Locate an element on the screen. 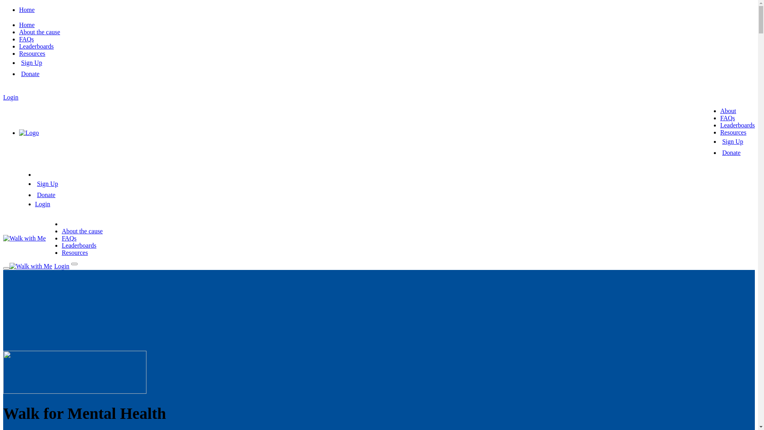  'About the cause' is located at coordinates (61, 231).